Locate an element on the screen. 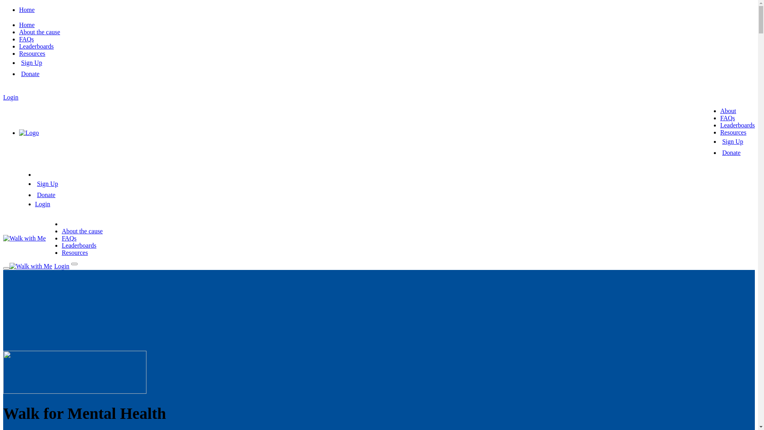  'About the cause' is located at coordinates (61, 231).